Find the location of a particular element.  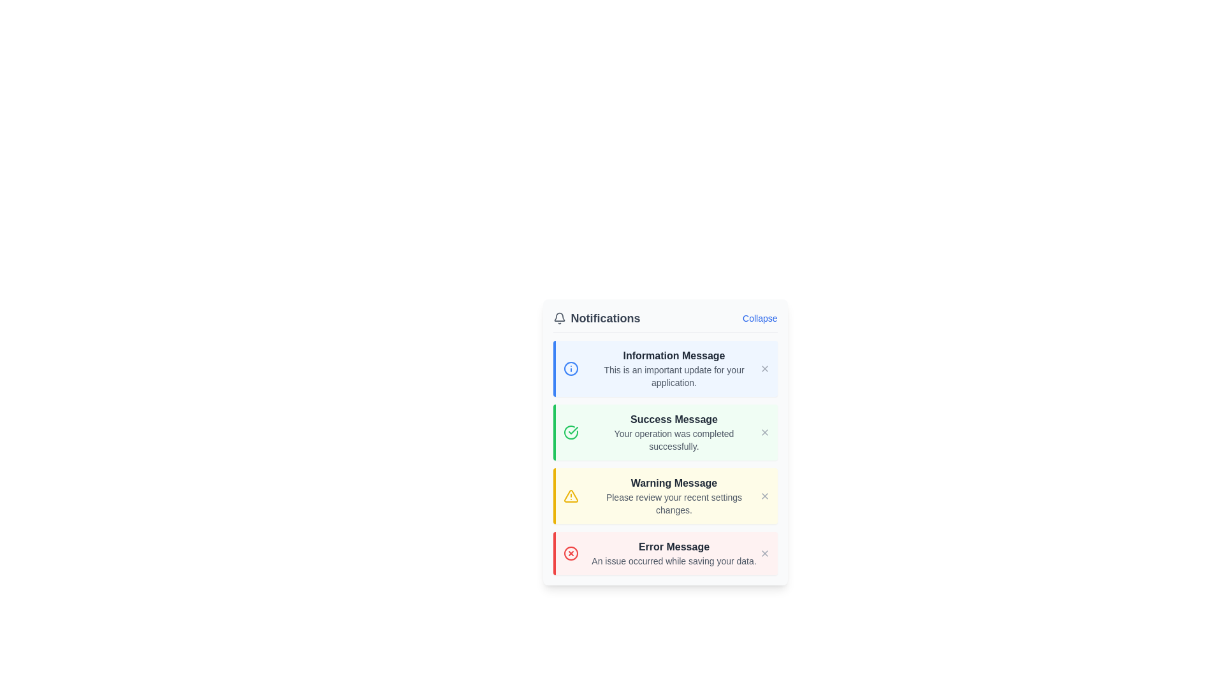

text label indicating the successful completion of an operation, which is located in the notification panel below 'Success Message' and above the green check icon is located at coordinates (673, 439).